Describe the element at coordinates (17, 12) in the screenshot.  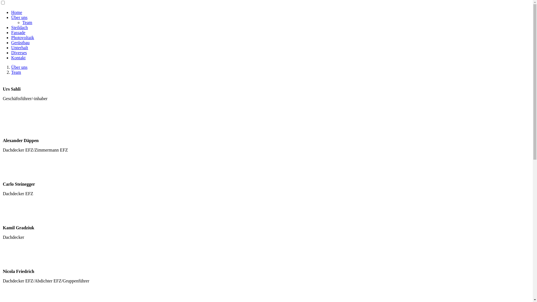
I see `'Home'` at that location.